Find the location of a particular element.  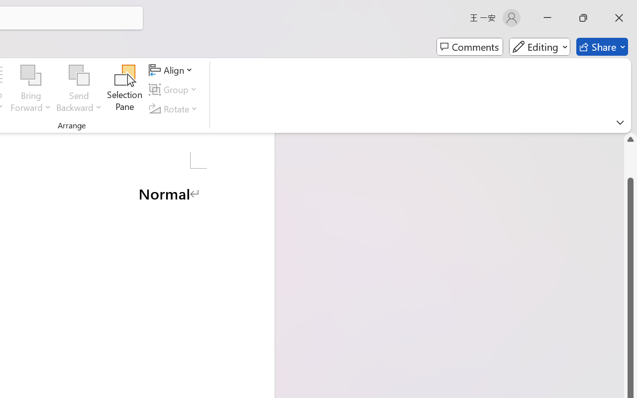

'Send Backward' is located at coordinates (79, 89).